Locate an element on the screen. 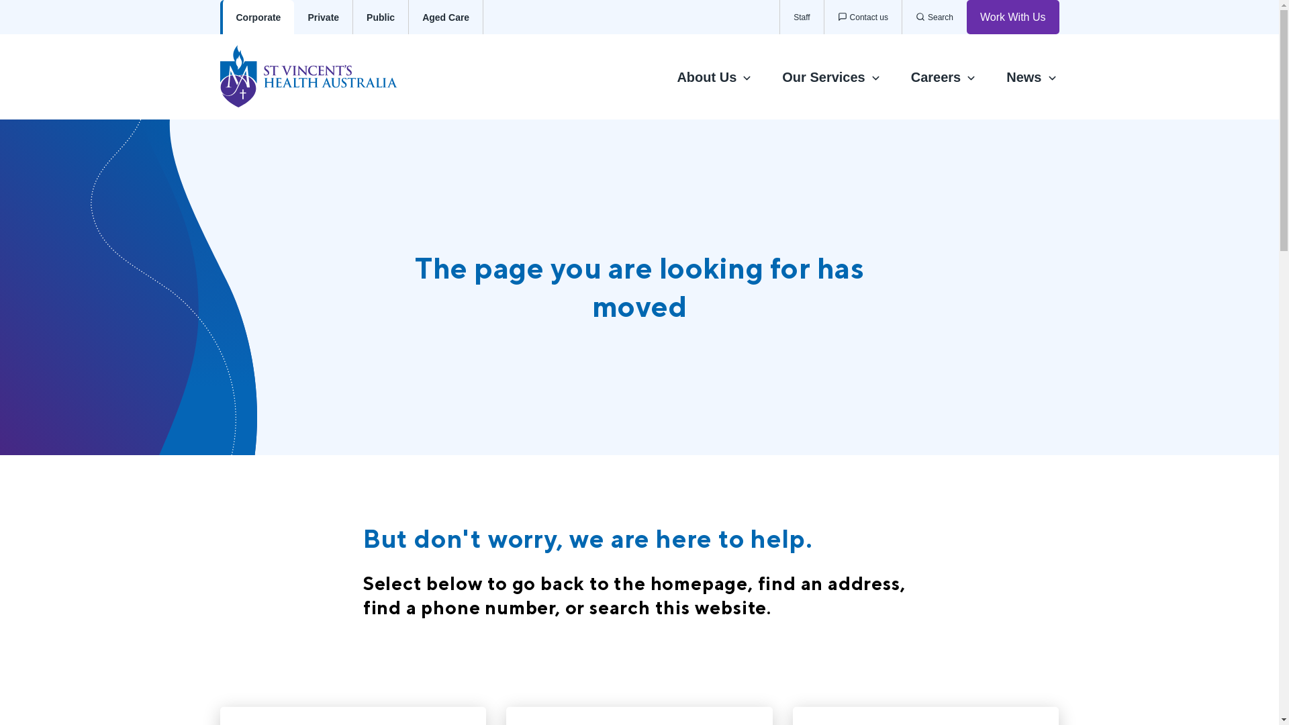 The image size is (1289, 725). 'Private' is located at coordinates (323, 17).